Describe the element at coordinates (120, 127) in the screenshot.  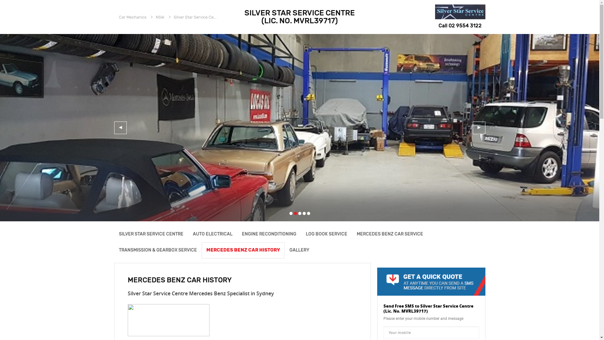
I see `'Previous'` at that location.